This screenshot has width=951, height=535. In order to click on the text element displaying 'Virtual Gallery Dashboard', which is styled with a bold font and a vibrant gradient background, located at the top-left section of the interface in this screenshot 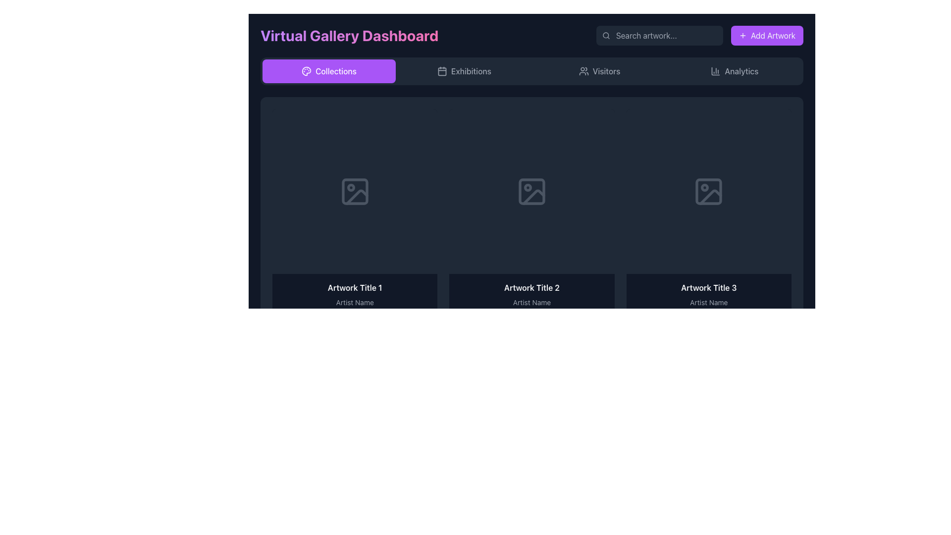, I will do `click(349, 35)`.